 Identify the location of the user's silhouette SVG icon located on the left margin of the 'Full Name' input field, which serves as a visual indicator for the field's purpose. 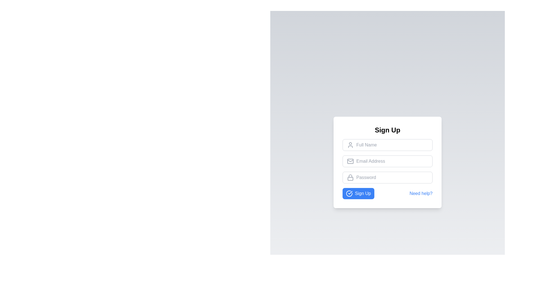
(350, 144).